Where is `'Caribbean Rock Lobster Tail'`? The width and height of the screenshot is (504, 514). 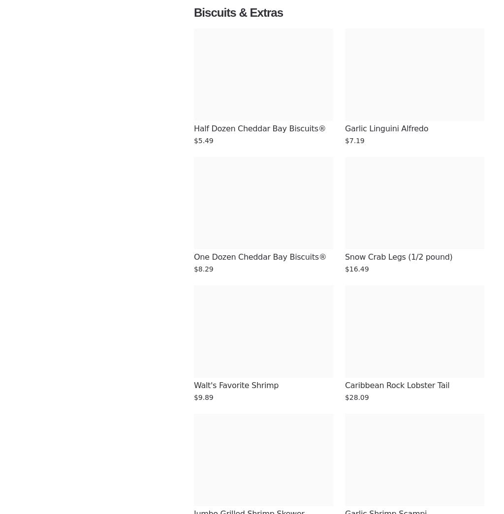
'Caribbean Rock Lobster Tail' is located at coordinates (397, 385).